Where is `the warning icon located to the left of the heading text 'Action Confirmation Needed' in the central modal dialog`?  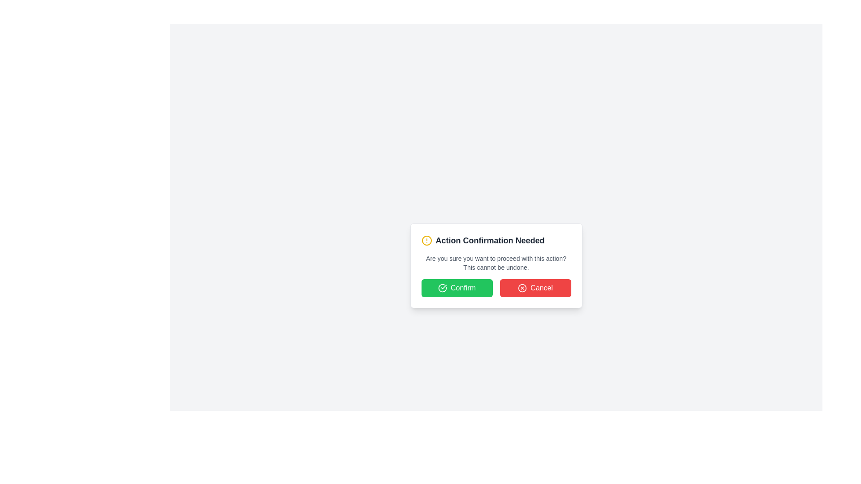
the warning icon located to the left of the heading text 'Action Confirmation Needed' in the central modal dialog is located at coordinates (426, 240).